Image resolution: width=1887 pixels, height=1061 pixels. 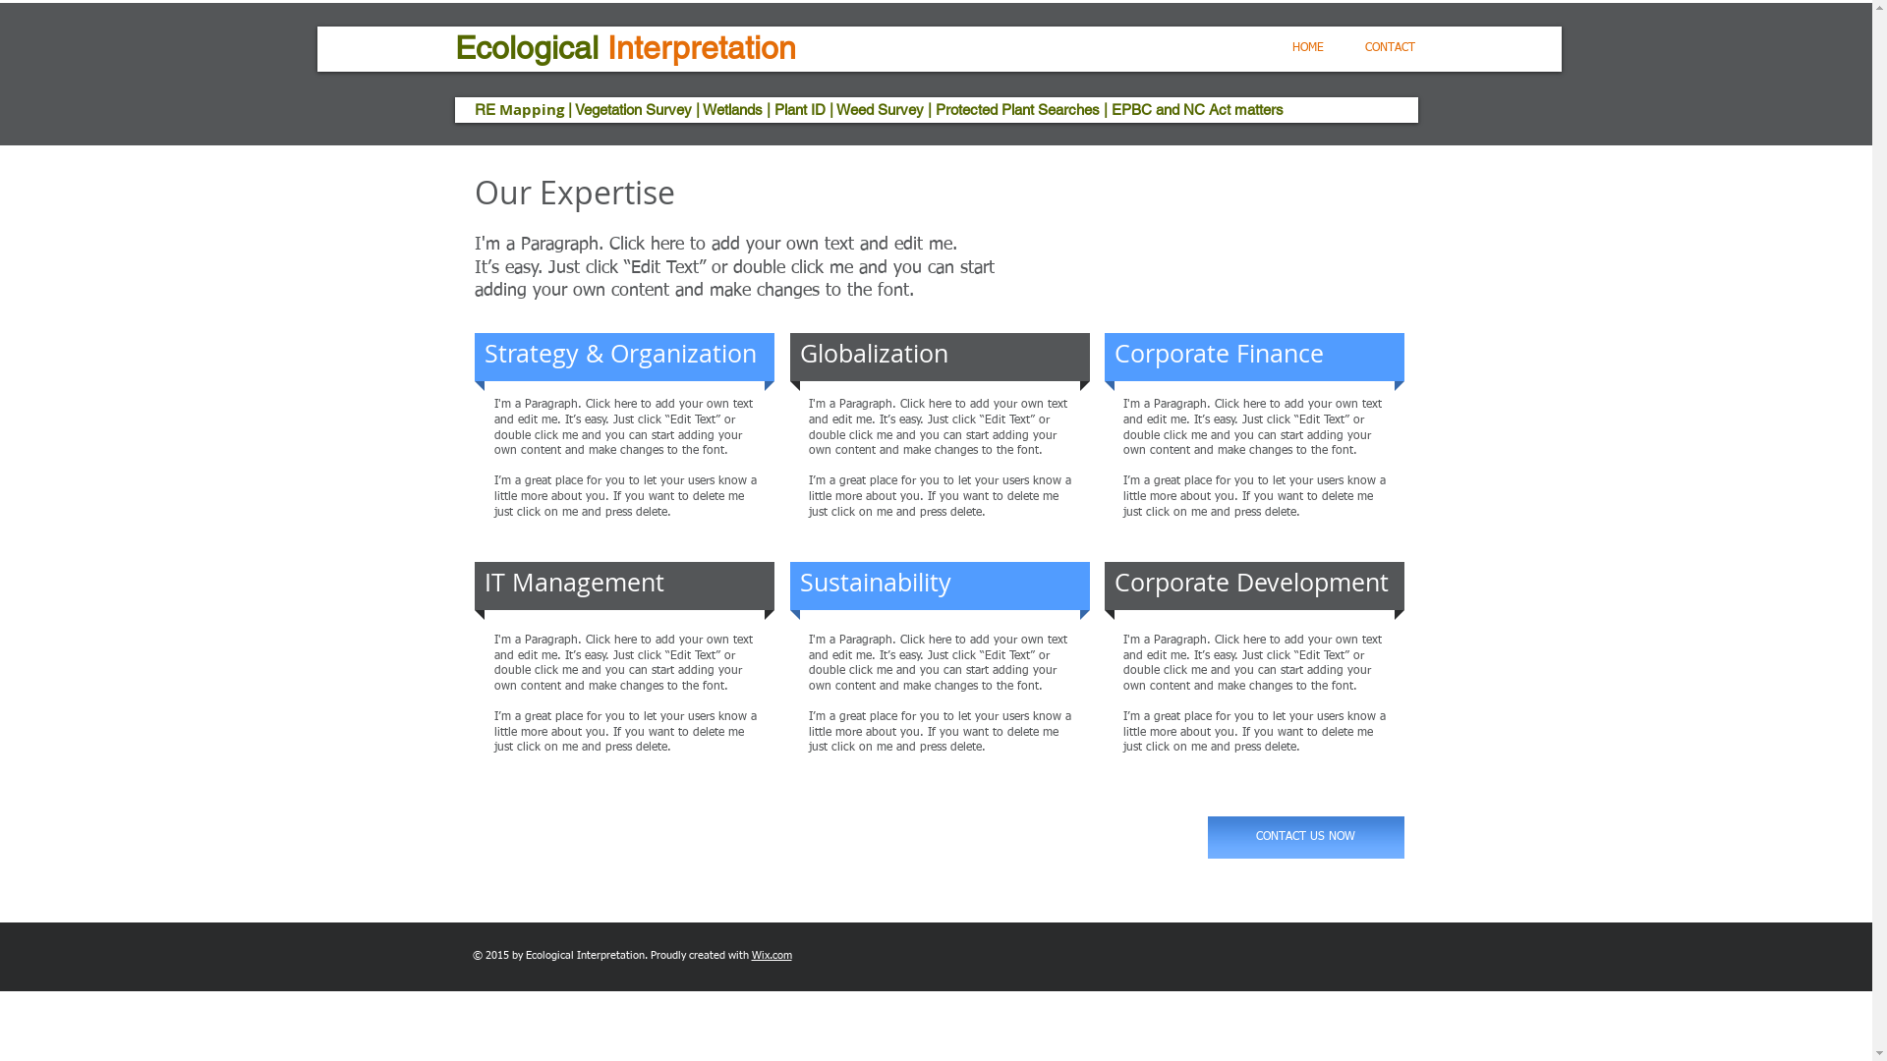 I want to click on 'CONTACT', so click(x=1344, y=47).